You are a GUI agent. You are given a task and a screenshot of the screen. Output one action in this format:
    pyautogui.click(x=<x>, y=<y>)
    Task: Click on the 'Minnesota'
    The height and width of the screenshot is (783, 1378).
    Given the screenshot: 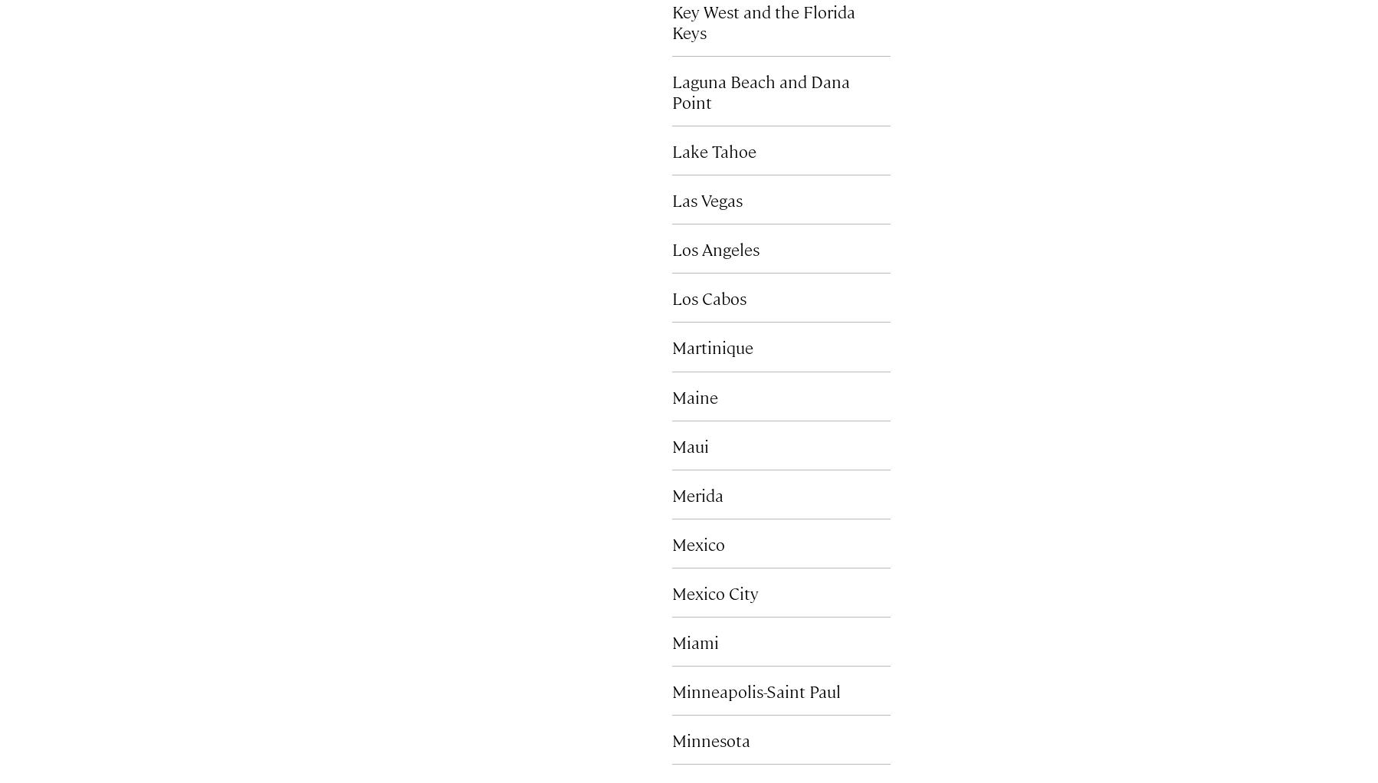 What is the action you would take?
    pyautogui.click(x=710, y=738)
    